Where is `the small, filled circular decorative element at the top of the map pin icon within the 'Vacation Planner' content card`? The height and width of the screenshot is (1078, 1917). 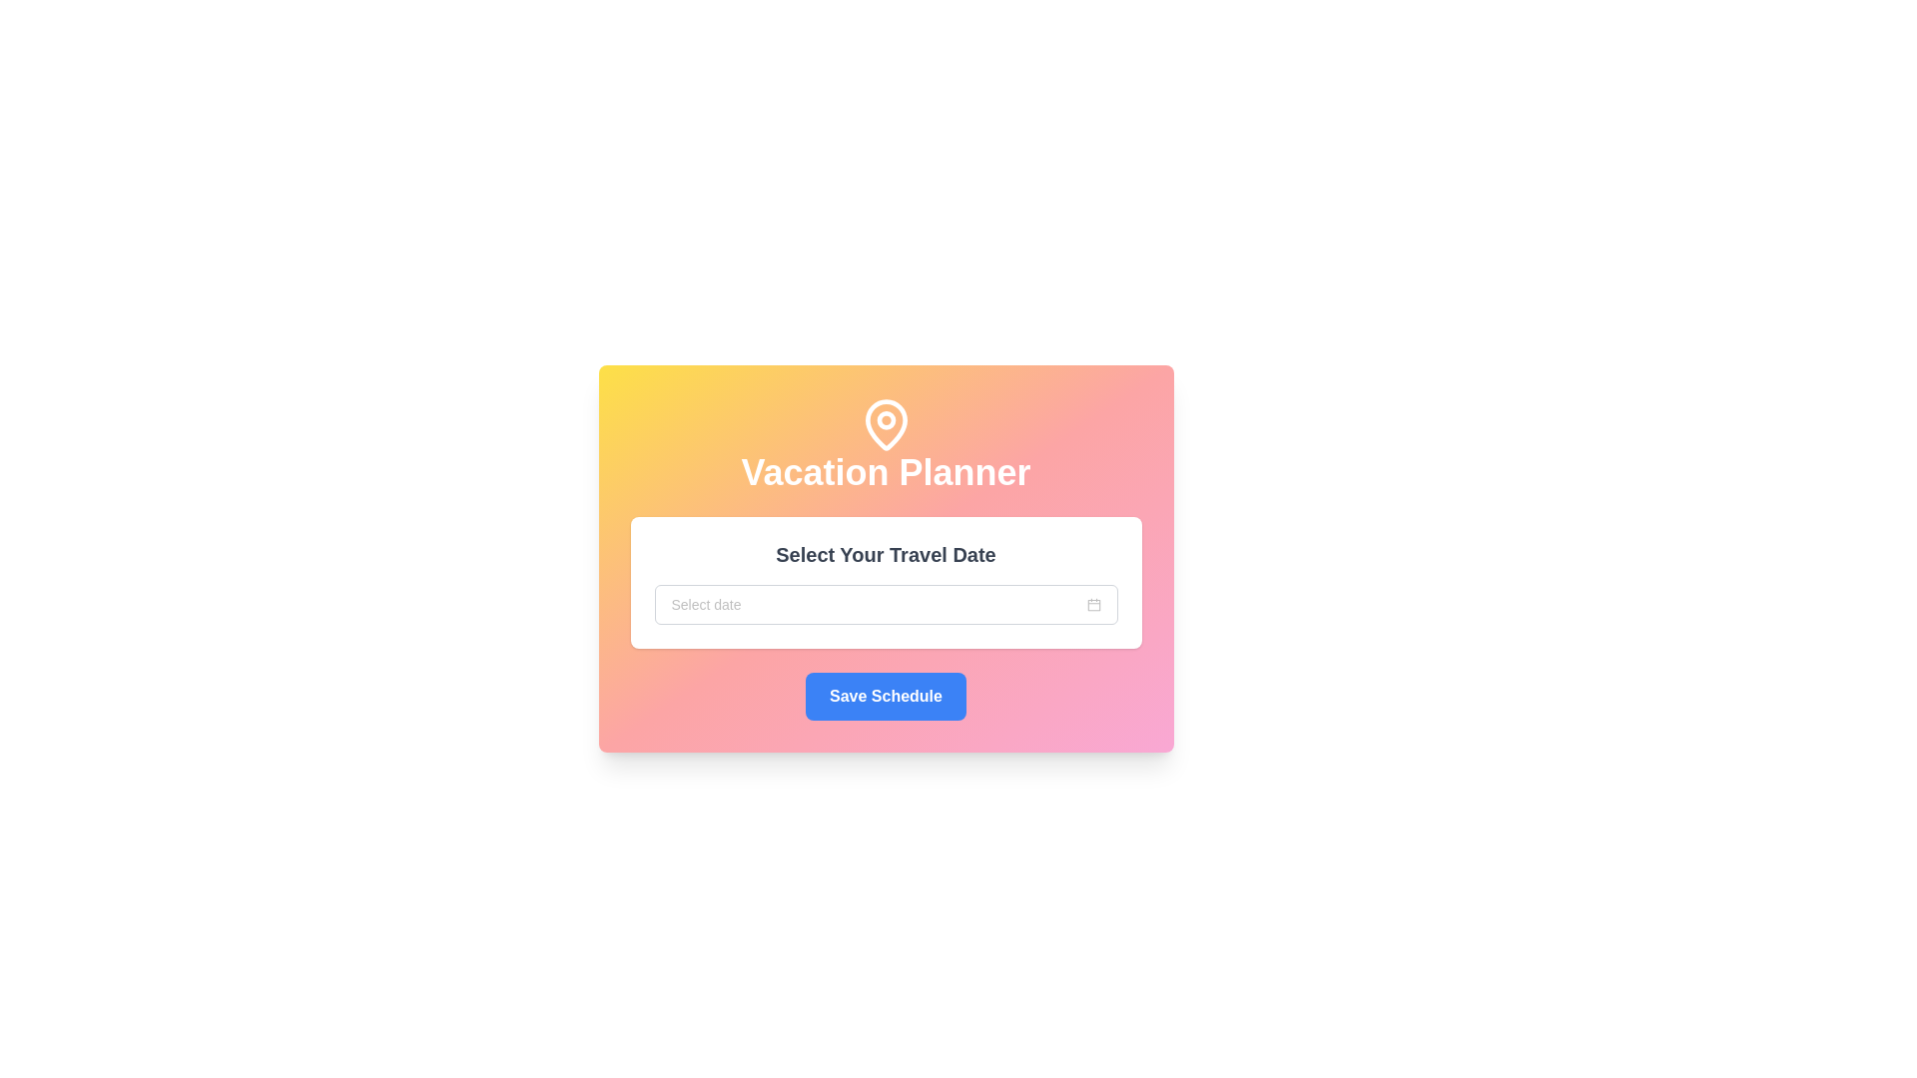
the small, filled circular decorative element at the top of the map pin icon within the 'Vacation Planner' content card is located at coordinates (885, 419).